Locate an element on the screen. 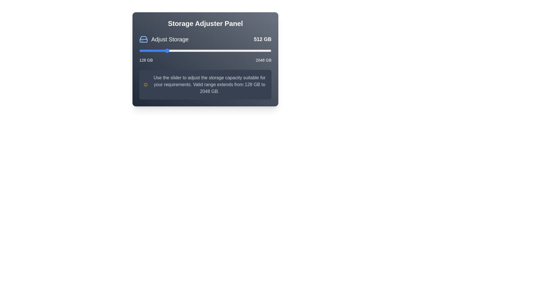 Image resolution: width=547 pixels, height=308 pixels. the storage capacity is located at coordinates (257, 50).